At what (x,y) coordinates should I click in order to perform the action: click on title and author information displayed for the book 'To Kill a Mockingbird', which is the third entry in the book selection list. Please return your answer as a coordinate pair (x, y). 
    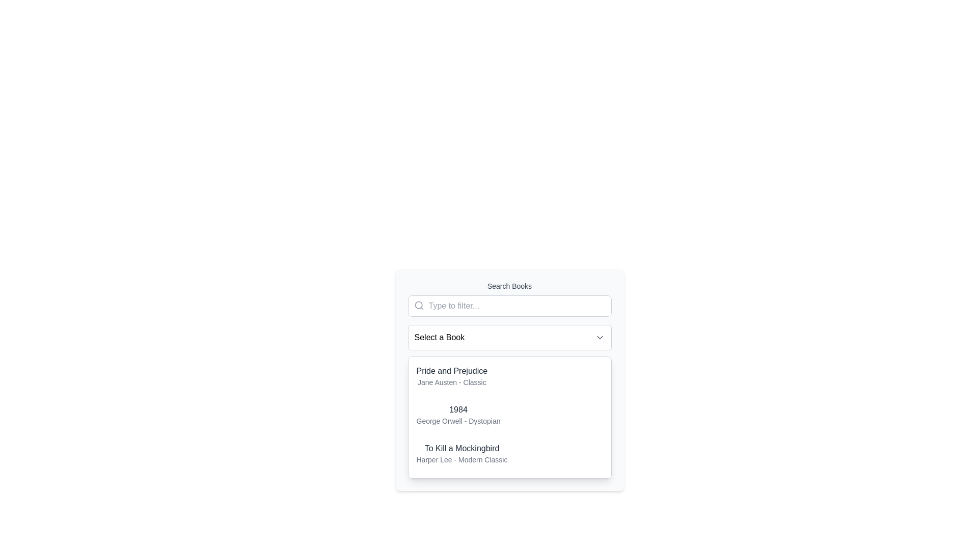
    Looking at the image, I should click on (461, 453).